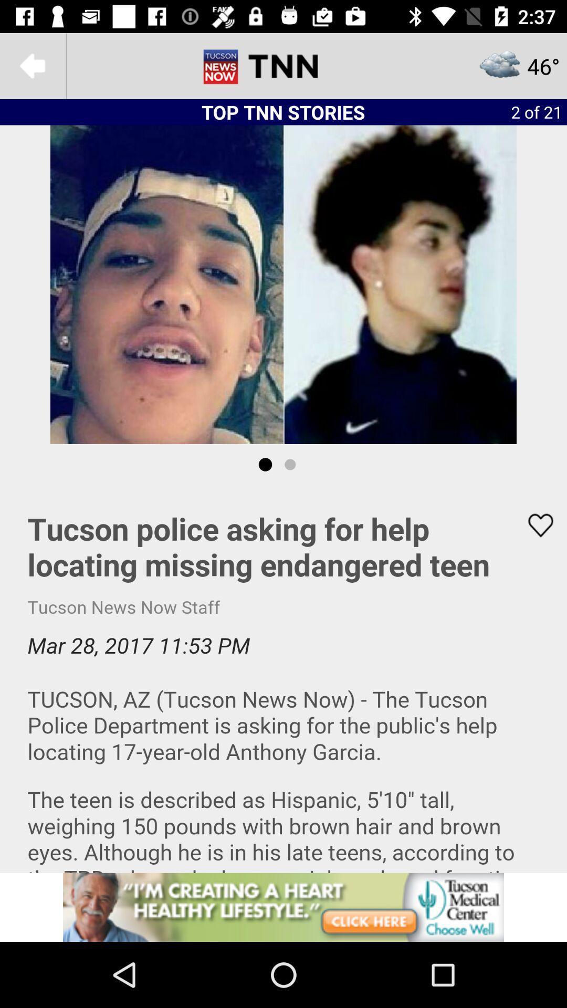 Image resolution: width=567 pixels, height=1008 pixels. Describe the element at coordinates (283, 679) in the screenshot. I see `open story` at that location.